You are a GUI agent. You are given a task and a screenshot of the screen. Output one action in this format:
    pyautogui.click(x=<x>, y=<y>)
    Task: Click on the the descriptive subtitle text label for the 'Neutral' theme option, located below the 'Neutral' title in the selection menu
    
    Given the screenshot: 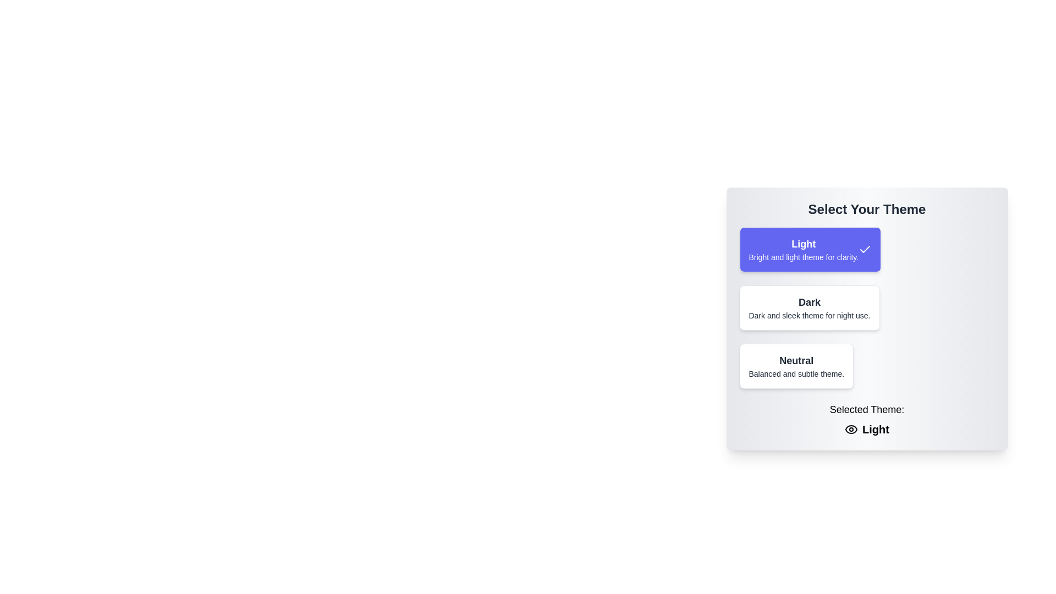 What is the action you would take?
    pyautogui.click(x=796, y=373)
    